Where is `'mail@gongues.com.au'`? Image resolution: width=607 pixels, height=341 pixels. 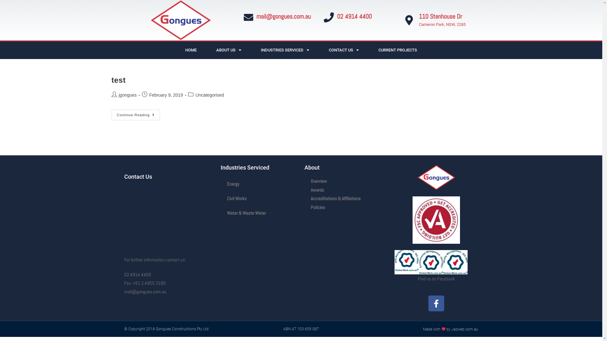
'mail@gongues.com.au' is located at coordinates (283, 16).